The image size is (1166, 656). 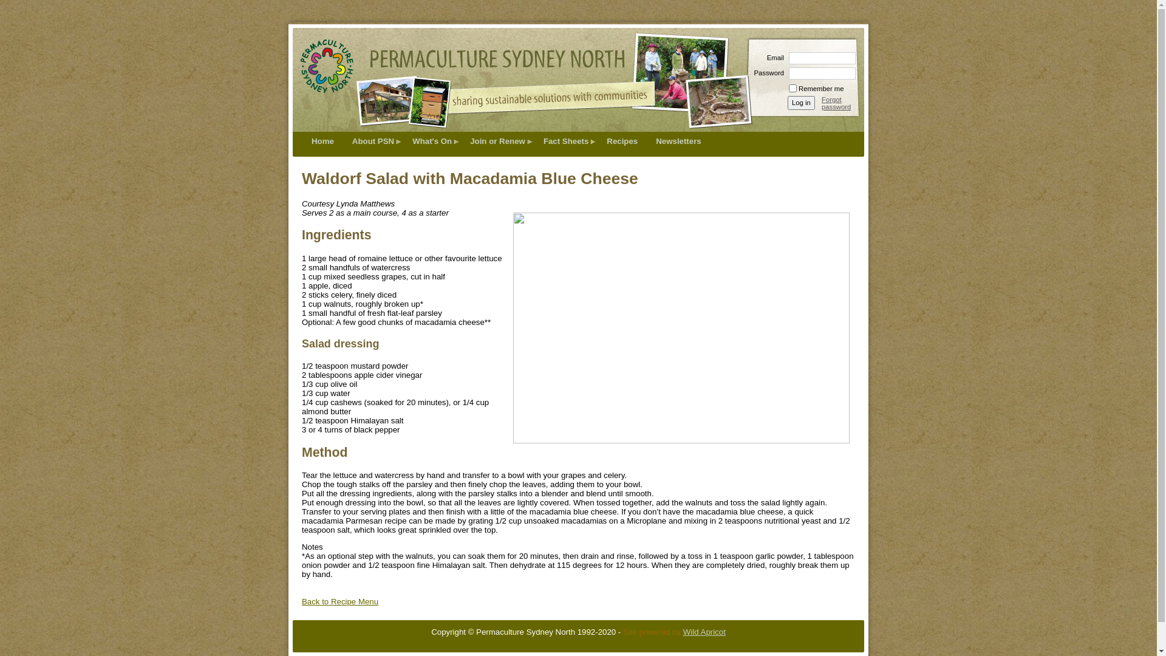 What do you see at coordinates (678, 140) in the screenshot?
I see `'Newsletters'` at bounding box center [678, 140].